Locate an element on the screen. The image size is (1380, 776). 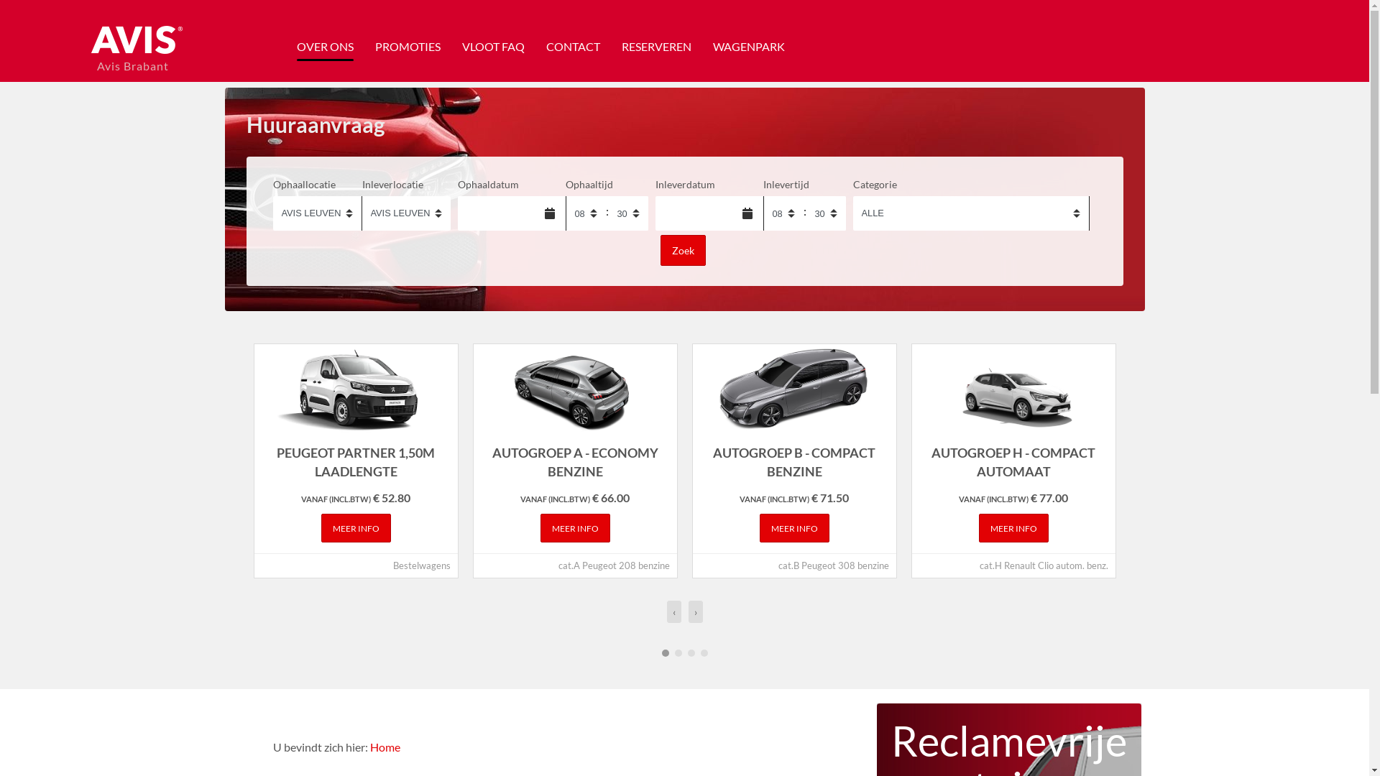
'OVER ONS' is located at coordinates (295, 45).